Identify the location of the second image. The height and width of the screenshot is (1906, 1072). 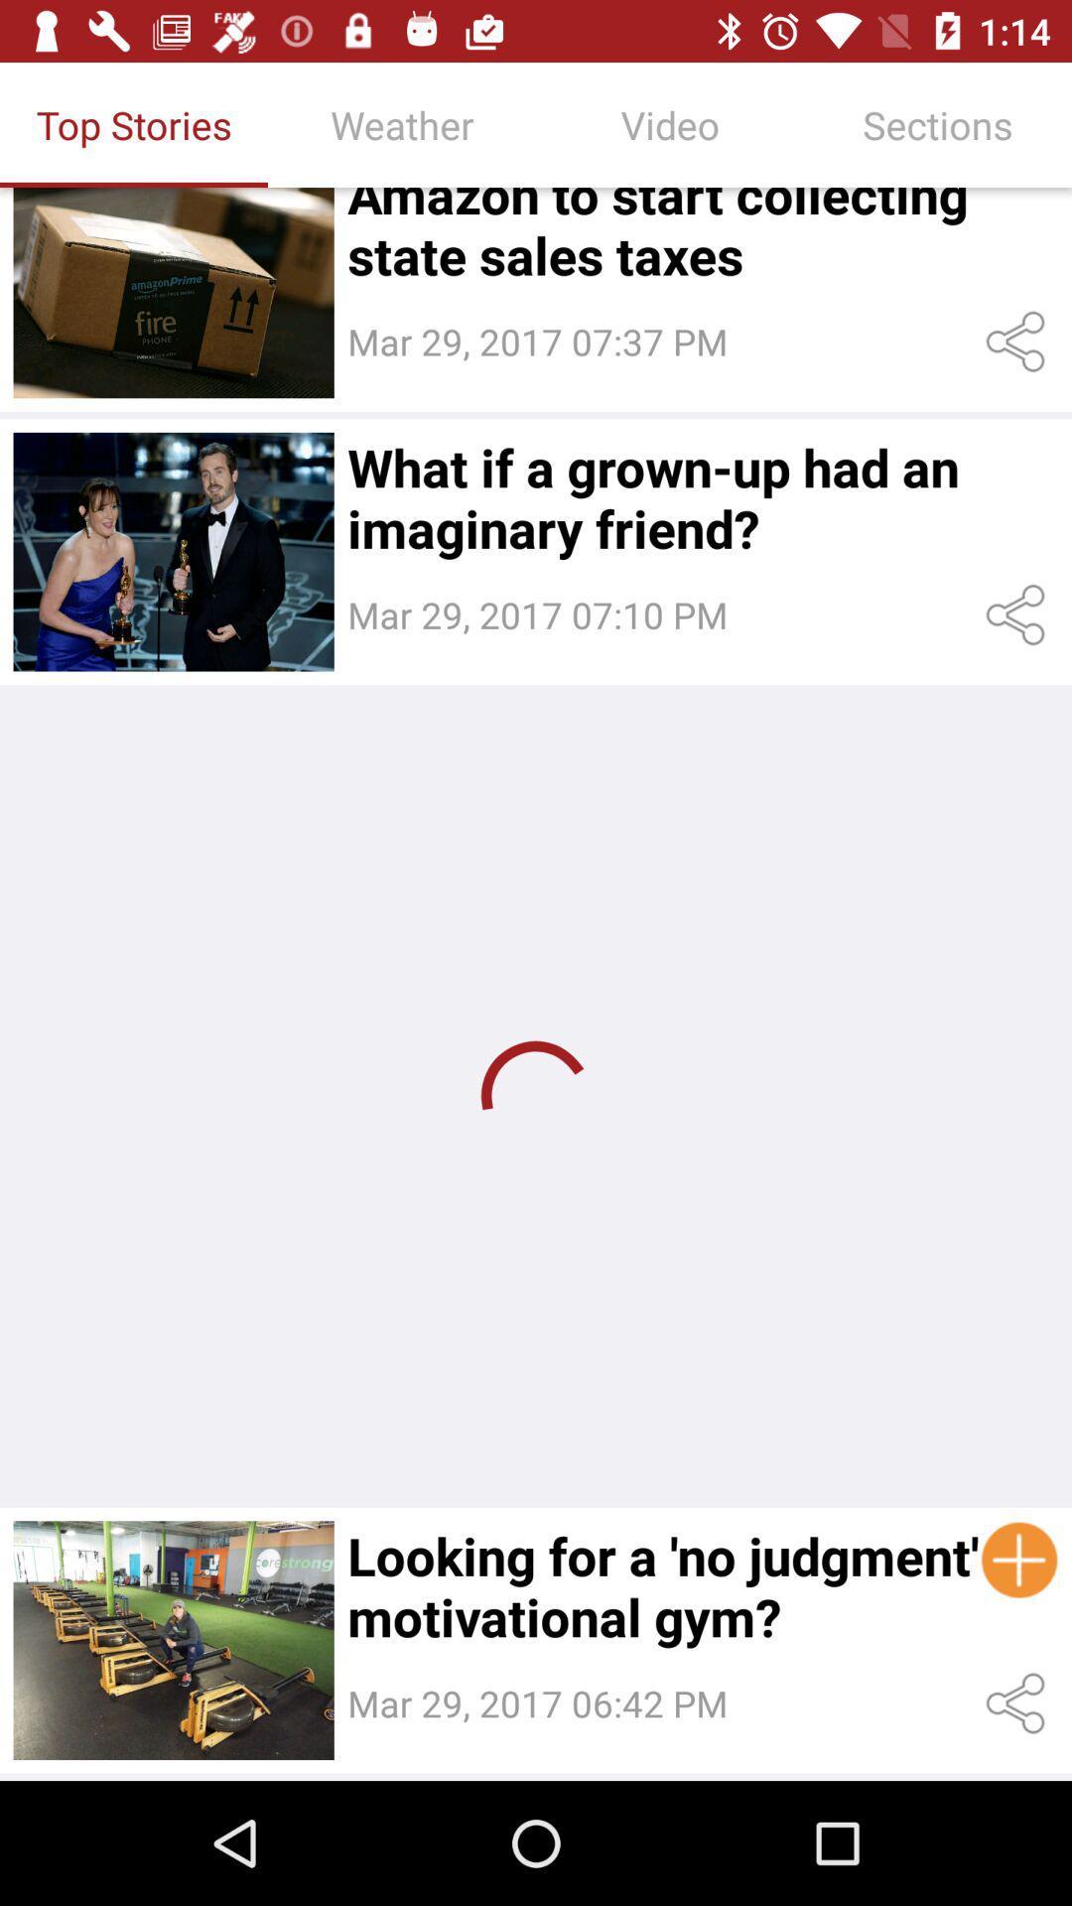
(173, 552).